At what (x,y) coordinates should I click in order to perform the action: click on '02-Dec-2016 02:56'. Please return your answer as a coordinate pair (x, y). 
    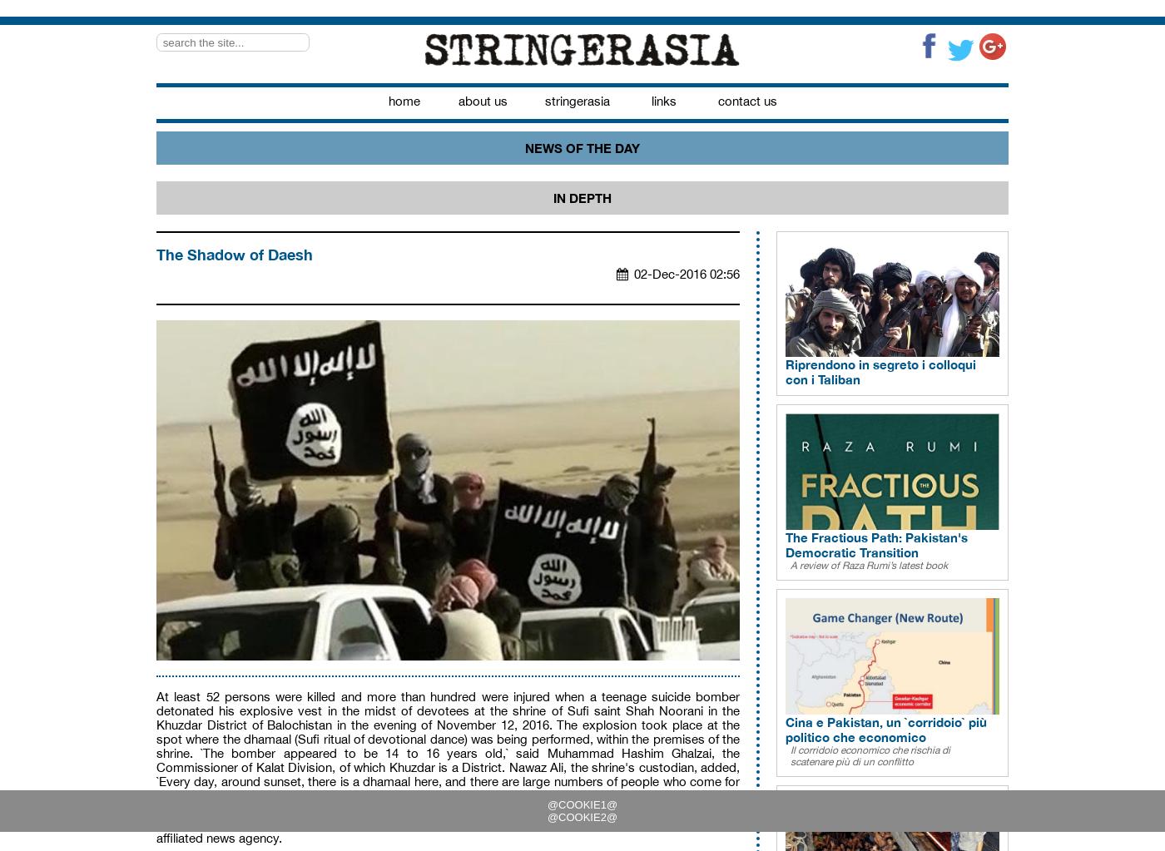
    Looking at the image, I should click on (687, 273).